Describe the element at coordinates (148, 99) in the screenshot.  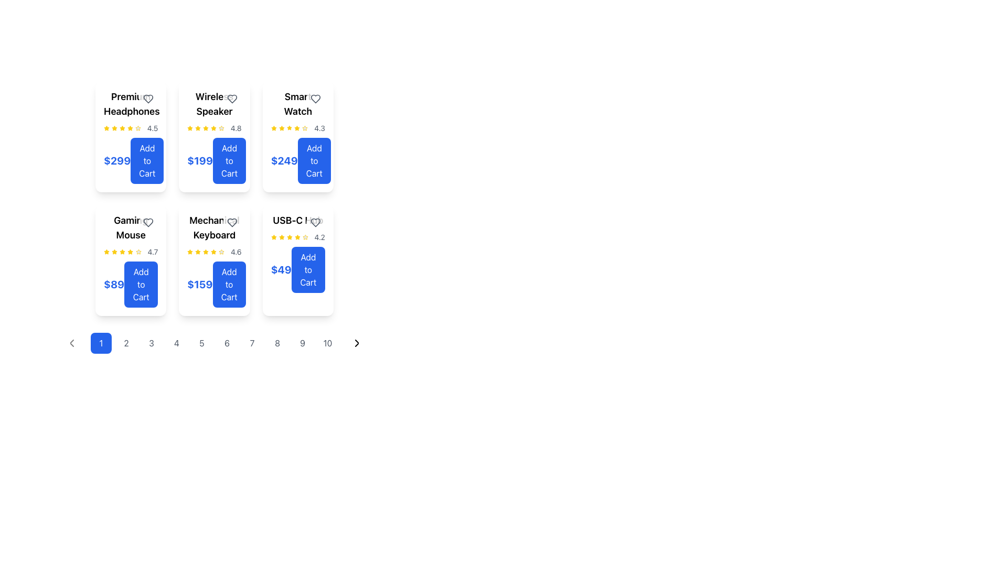
I see `the heart button located in the top left corner above the product card labeled 'Premium Headphones' to mark it as a favorite` at that location.